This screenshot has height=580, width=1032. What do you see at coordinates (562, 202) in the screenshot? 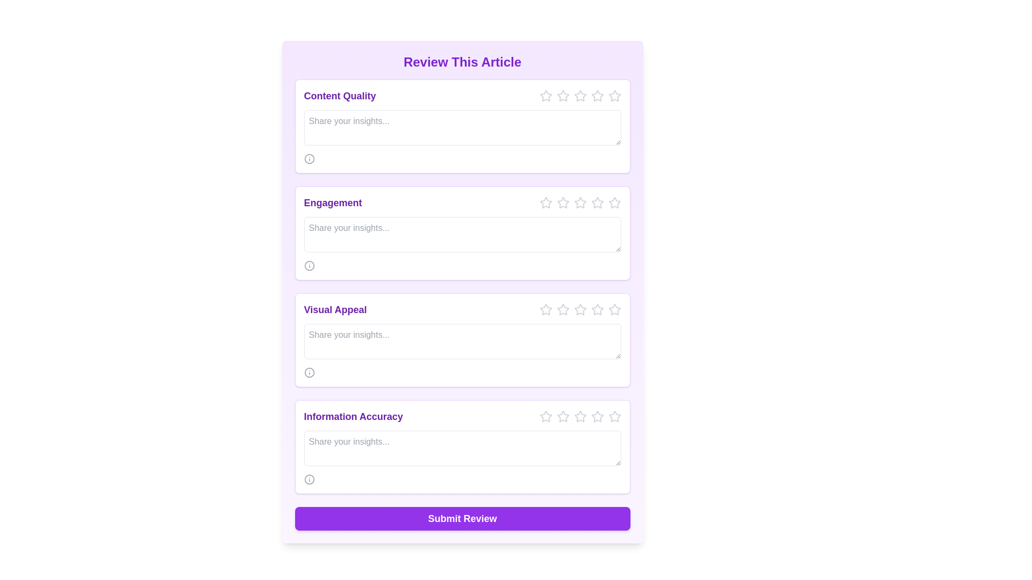
I see `the first star icon used for rating the 'Engagement' aspect of the content, located immediately after the text input box labeled 'Share your insights...'` at bounding box center [562, 202].